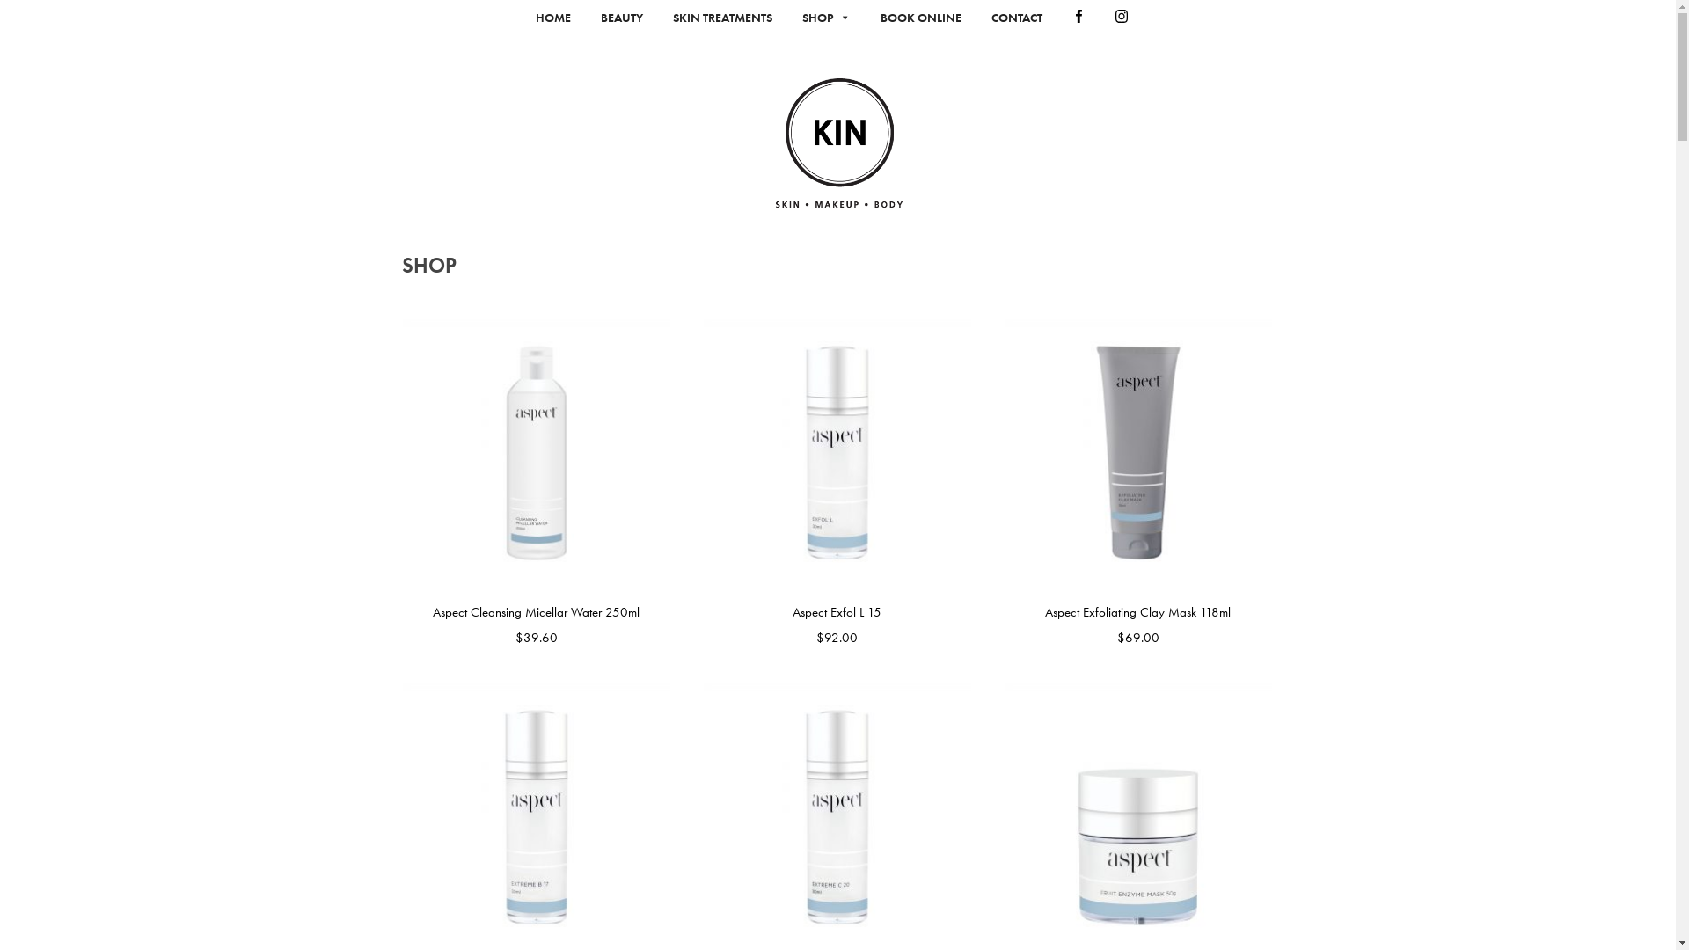 This screenshot has height=950, width=1689. I want to click on 'Aspect Cleansing Micellar Water 250ml, so click(535, 484).